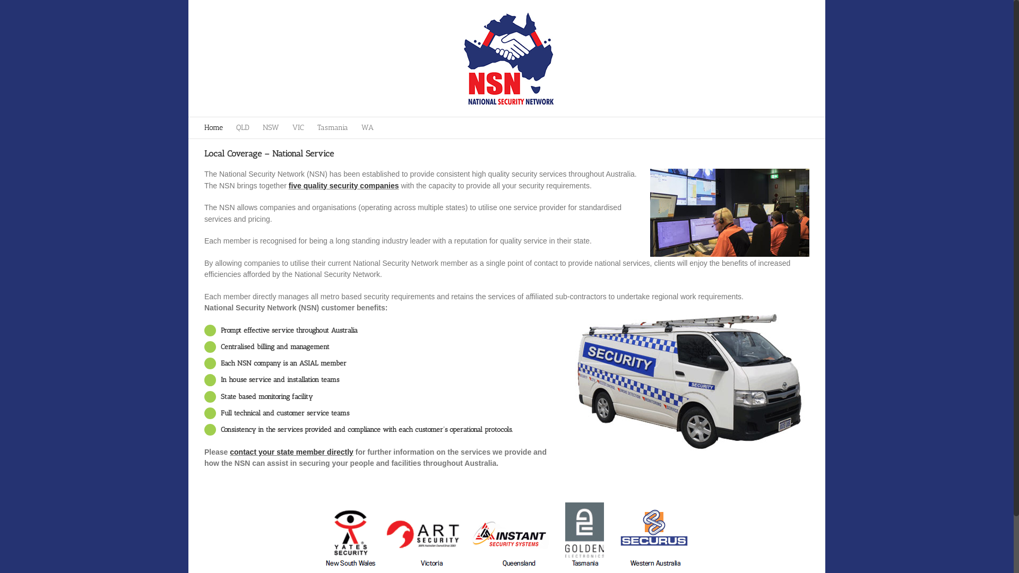  What do you see at coordinates (361, 127) in the screenshot?
I see `'WA'` at bounding box center [361, 127].